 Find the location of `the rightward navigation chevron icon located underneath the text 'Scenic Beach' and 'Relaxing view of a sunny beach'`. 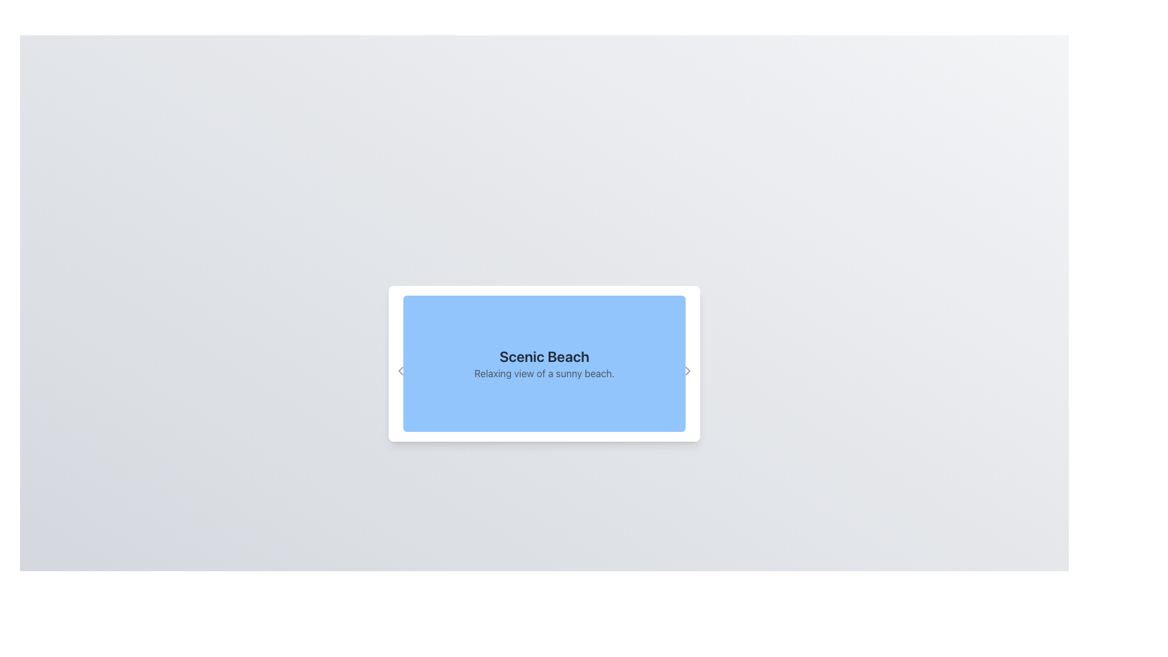

the rightward navigation chevron icon located underneath the text 'Scenic Beach' and 'Relaxing view of a sunny beach' is located at coordinates (688, 370).